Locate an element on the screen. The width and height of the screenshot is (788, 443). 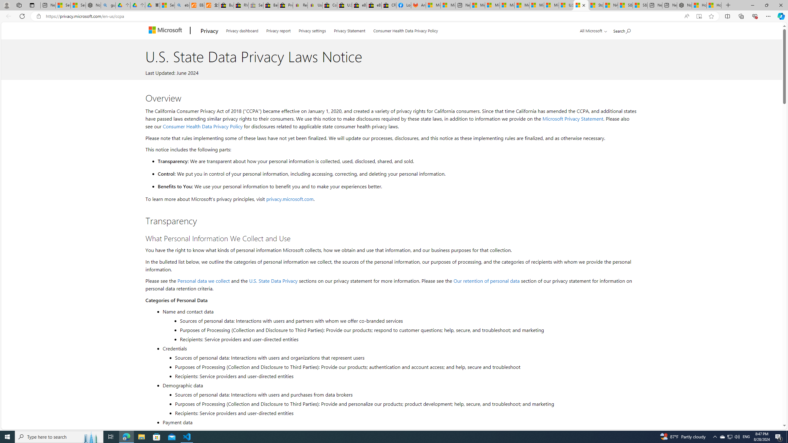
'Press Room - eBay Inc.' is located at coordinates (286, 5).